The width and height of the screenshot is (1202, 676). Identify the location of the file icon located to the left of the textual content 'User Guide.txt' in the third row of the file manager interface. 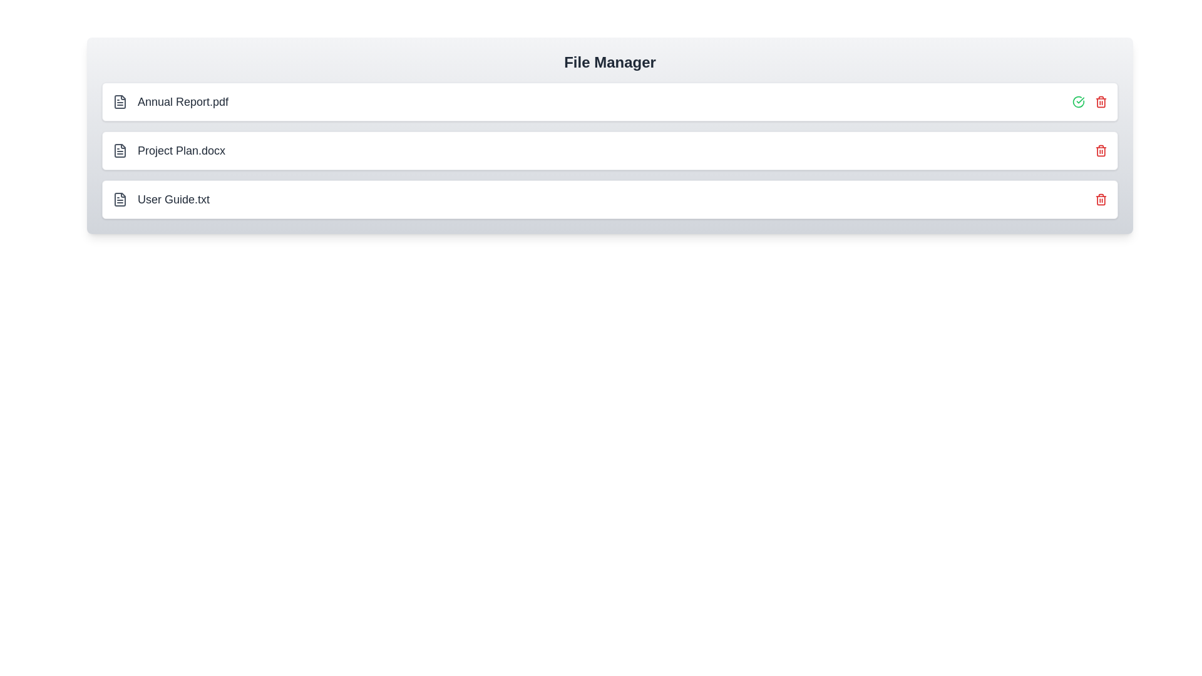
(120, 199).